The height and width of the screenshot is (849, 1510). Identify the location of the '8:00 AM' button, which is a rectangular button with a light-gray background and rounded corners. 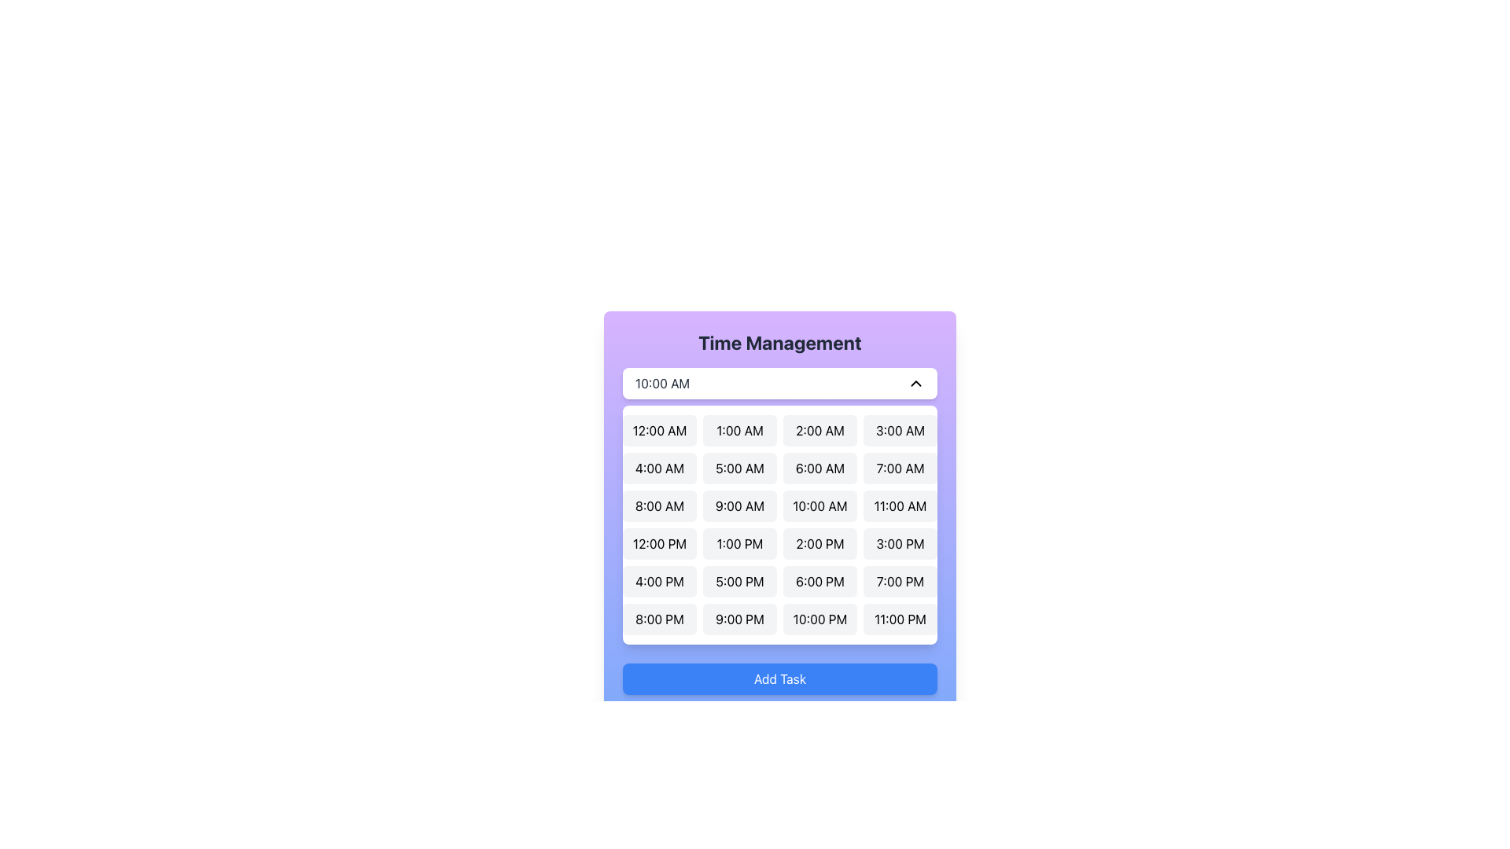
(660, 506).